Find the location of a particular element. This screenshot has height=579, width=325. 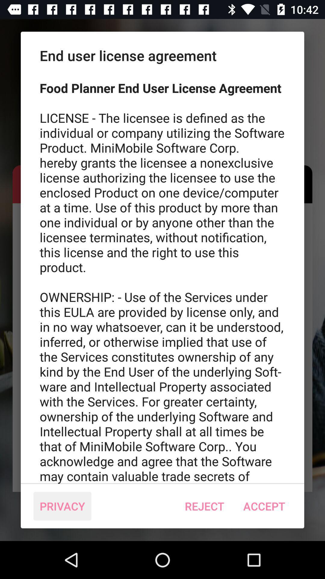

the icon at the bottom left corner is located at coordinates (62, 506).